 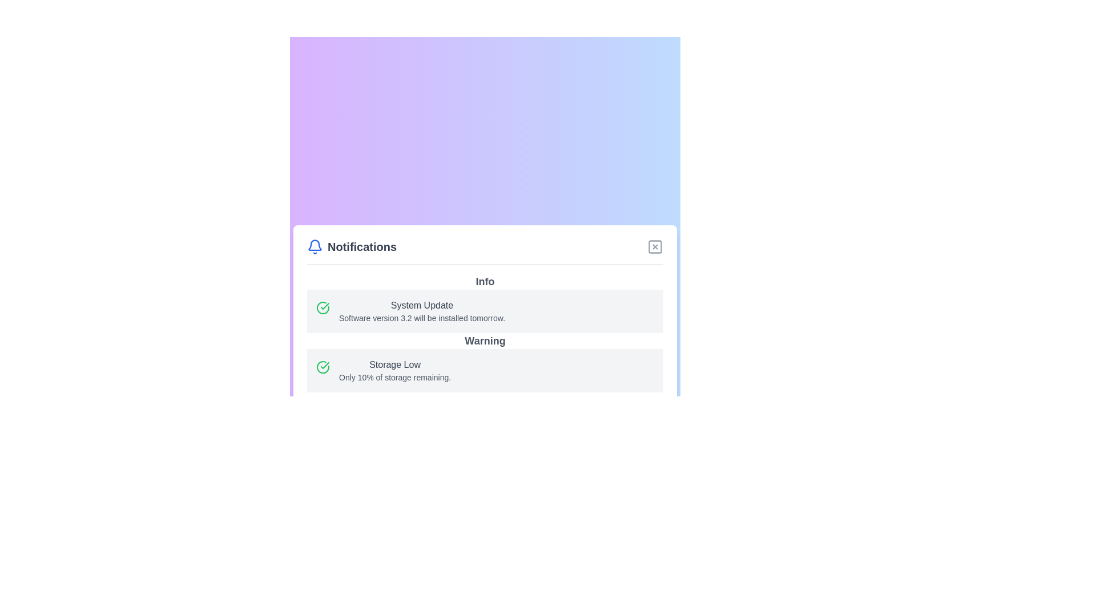 I want to click on the second notification item in the Notification panel that communicates an important update about an upcoming software installation to note the scheduled update, so click(x=485, y=310).